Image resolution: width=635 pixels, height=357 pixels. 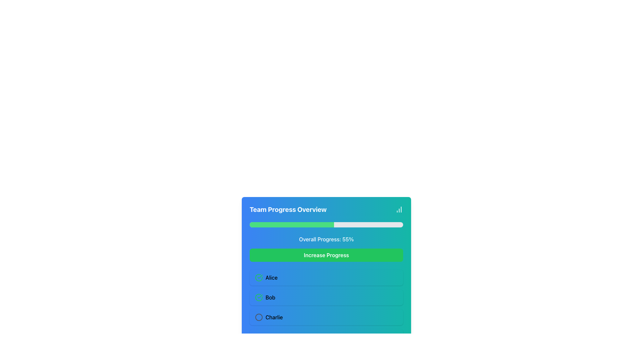 I want to click on the visual state of the circular status marker located to the left of the name 'Charlie', vertically centered relative to the text, so click(x=258, y=317).